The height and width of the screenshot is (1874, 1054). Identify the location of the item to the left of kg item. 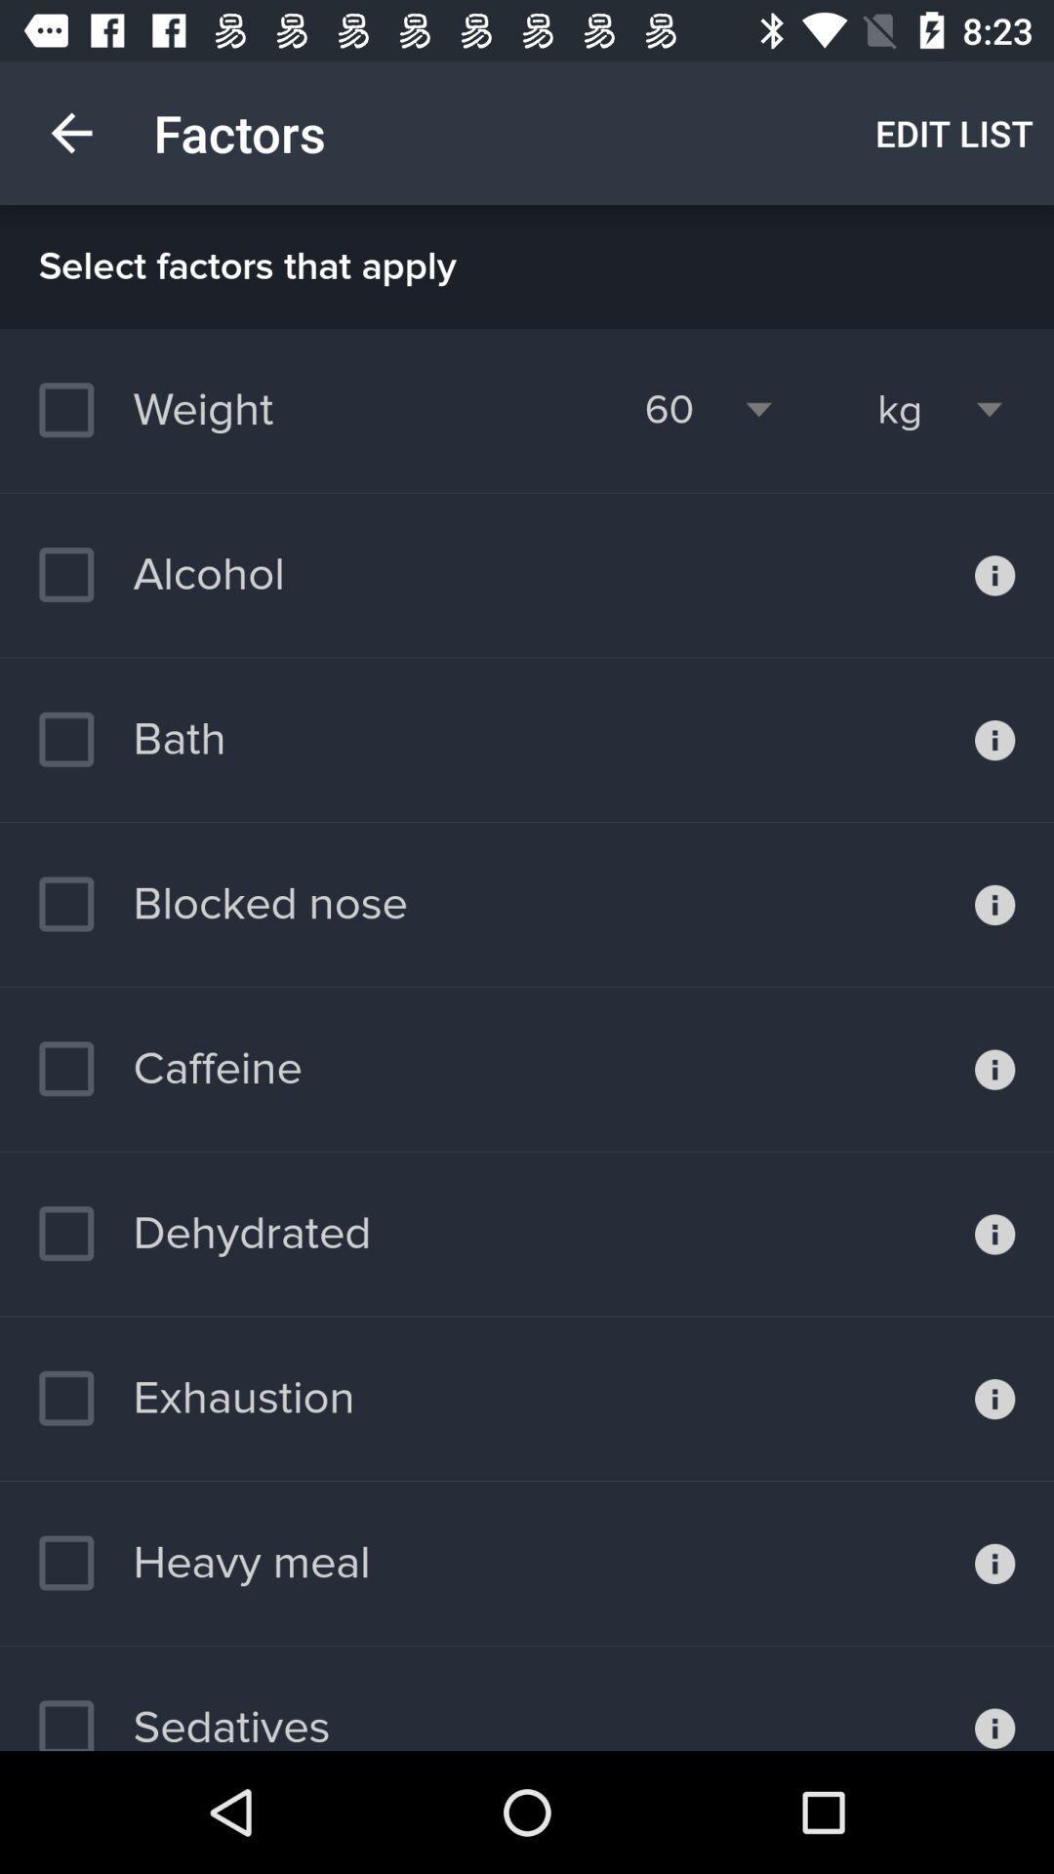
(668, 409).